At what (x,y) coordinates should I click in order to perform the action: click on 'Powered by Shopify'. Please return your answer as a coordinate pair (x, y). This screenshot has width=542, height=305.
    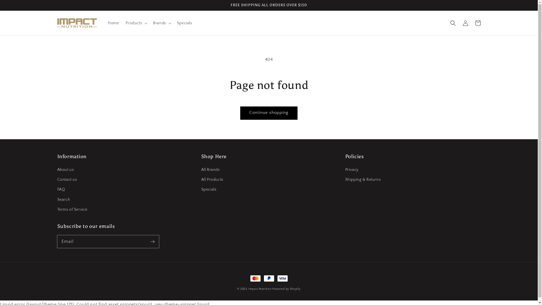
    Looking at the image, I should click on (272, 289).